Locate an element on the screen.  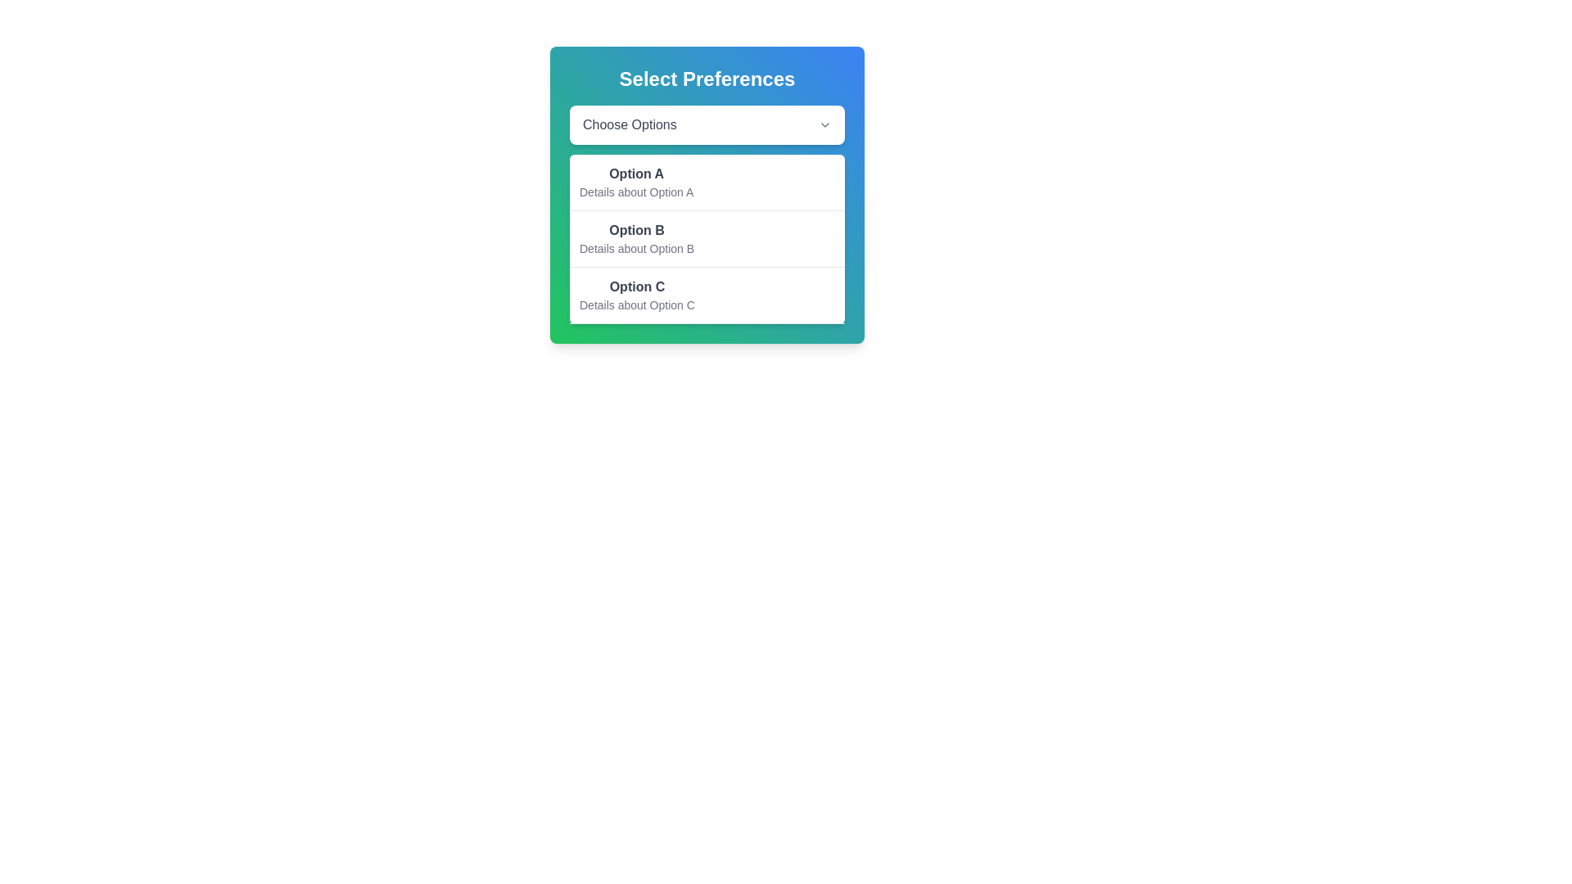
the text label providing additional details about 'Option A' located in the drop-down menu under 'Select Preferences', directly beneath 'Option A' is located at coordinates (635, 192).